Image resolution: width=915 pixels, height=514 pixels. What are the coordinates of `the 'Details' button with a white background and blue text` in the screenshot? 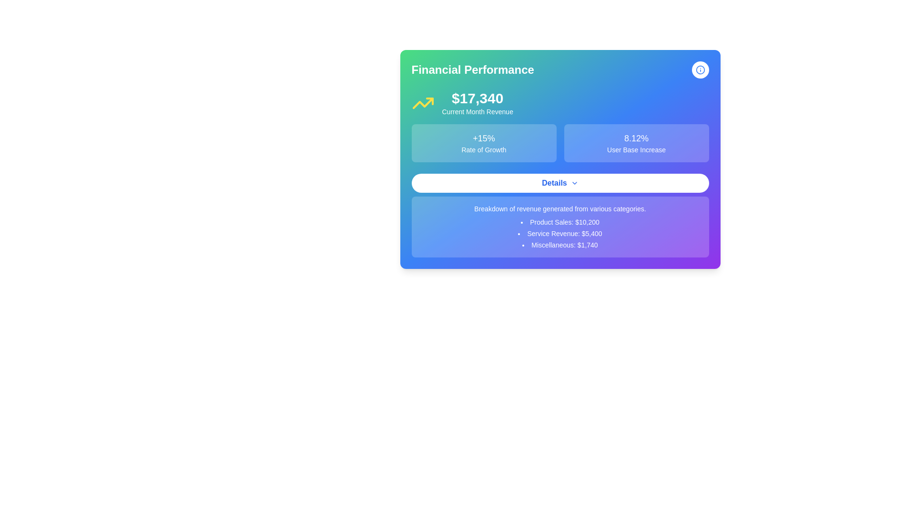 It's located at (560, 183).